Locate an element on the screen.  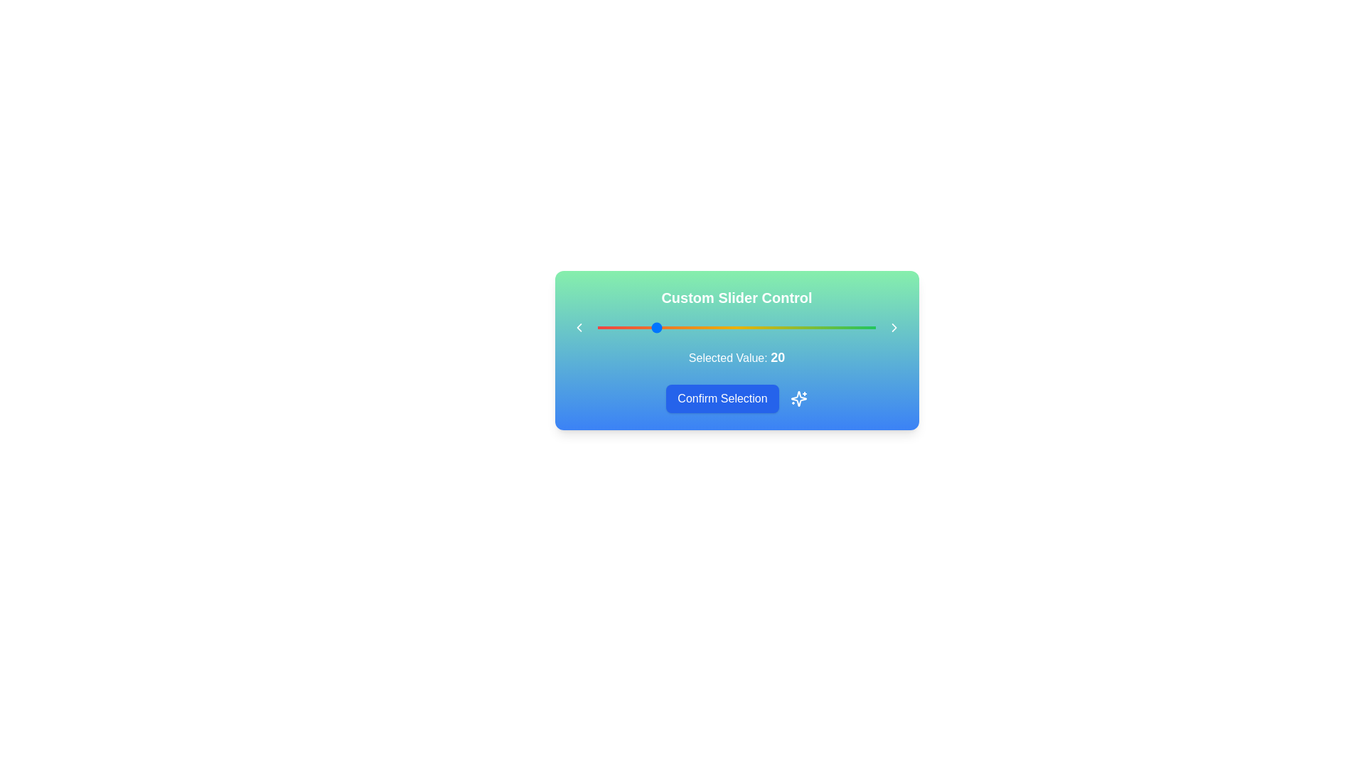
right arrow button to increase the slider value by 5 is located at coordinates (894, 328).